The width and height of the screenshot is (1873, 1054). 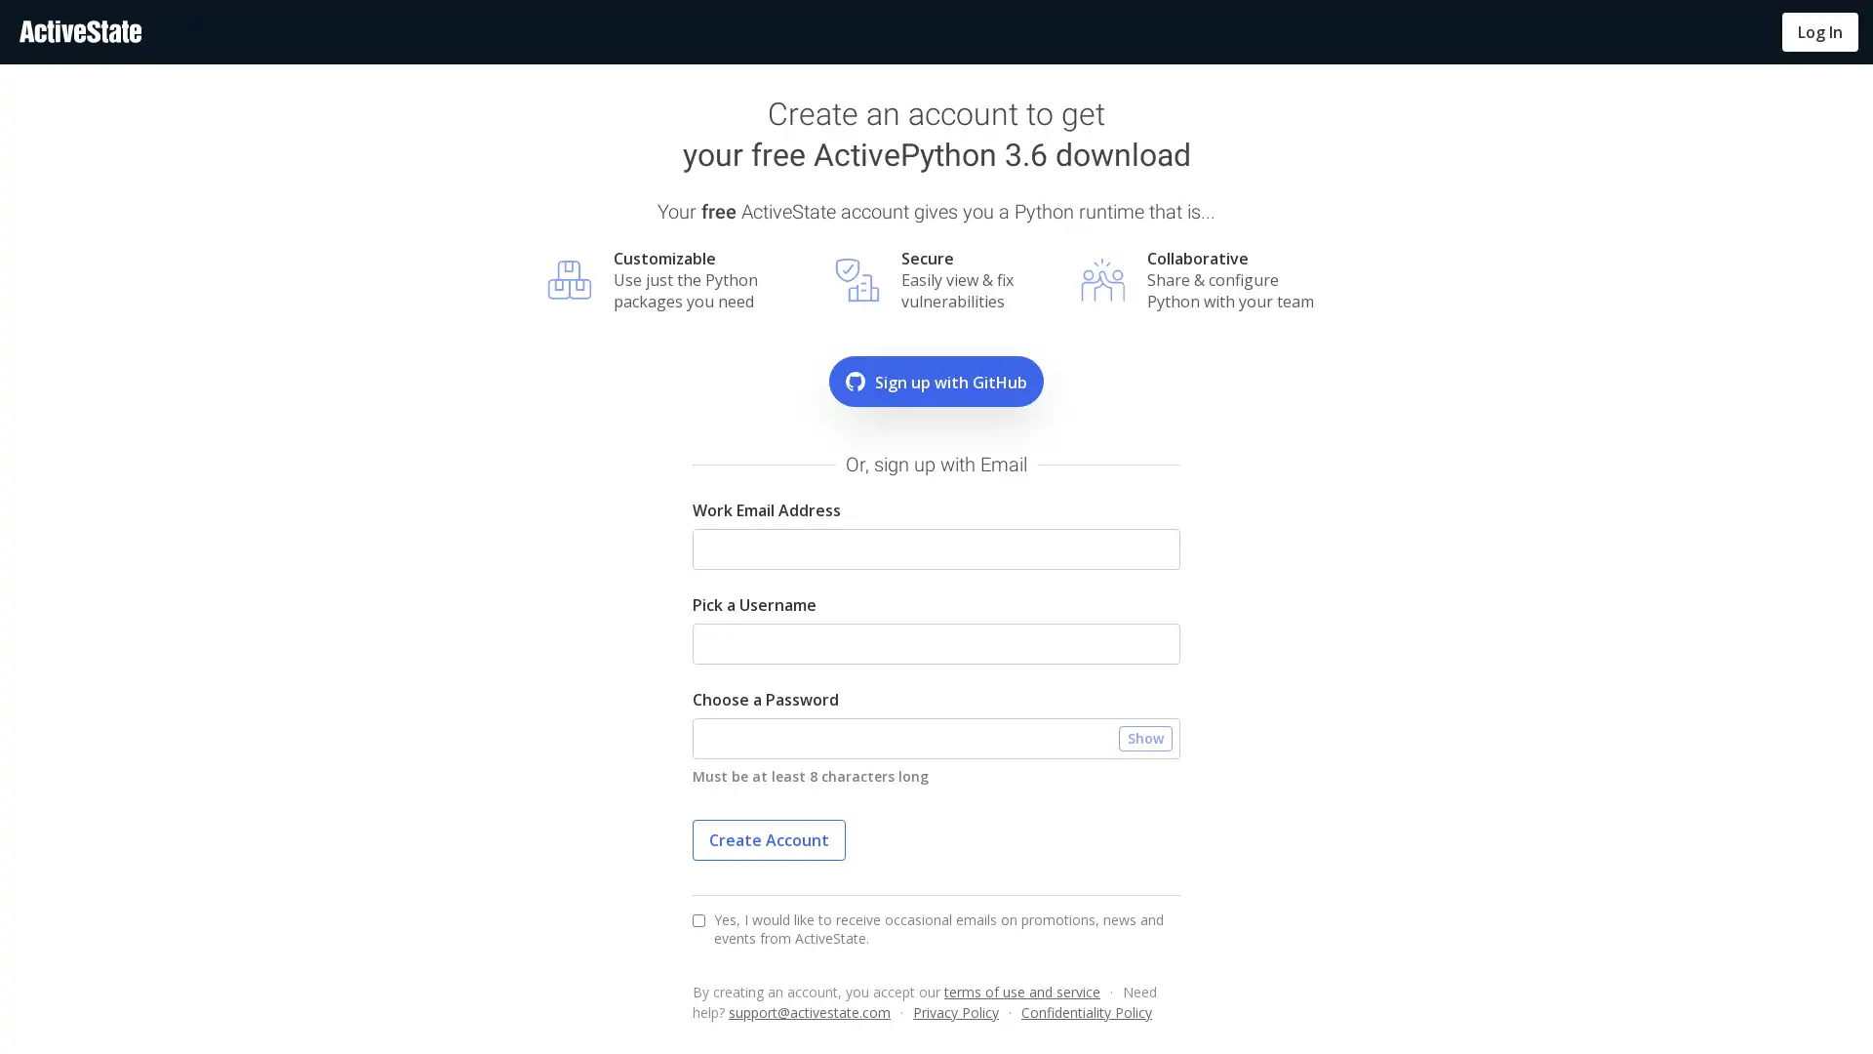 I want to click on Show, so click(x=1145, y=738).